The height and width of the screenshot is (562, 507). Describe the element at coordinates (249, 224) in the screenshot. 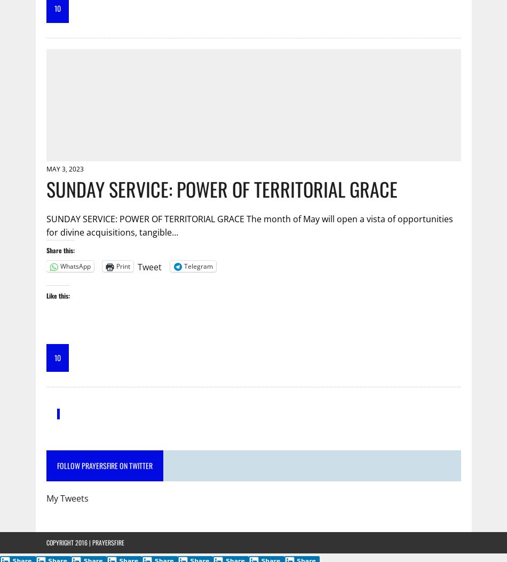

I see `'SUNDAY SERVICE: POWER OF TERRITORIAL GRACE The month of May will open a vista of opportunities for divine acquisitions, tangible…'` at that location.